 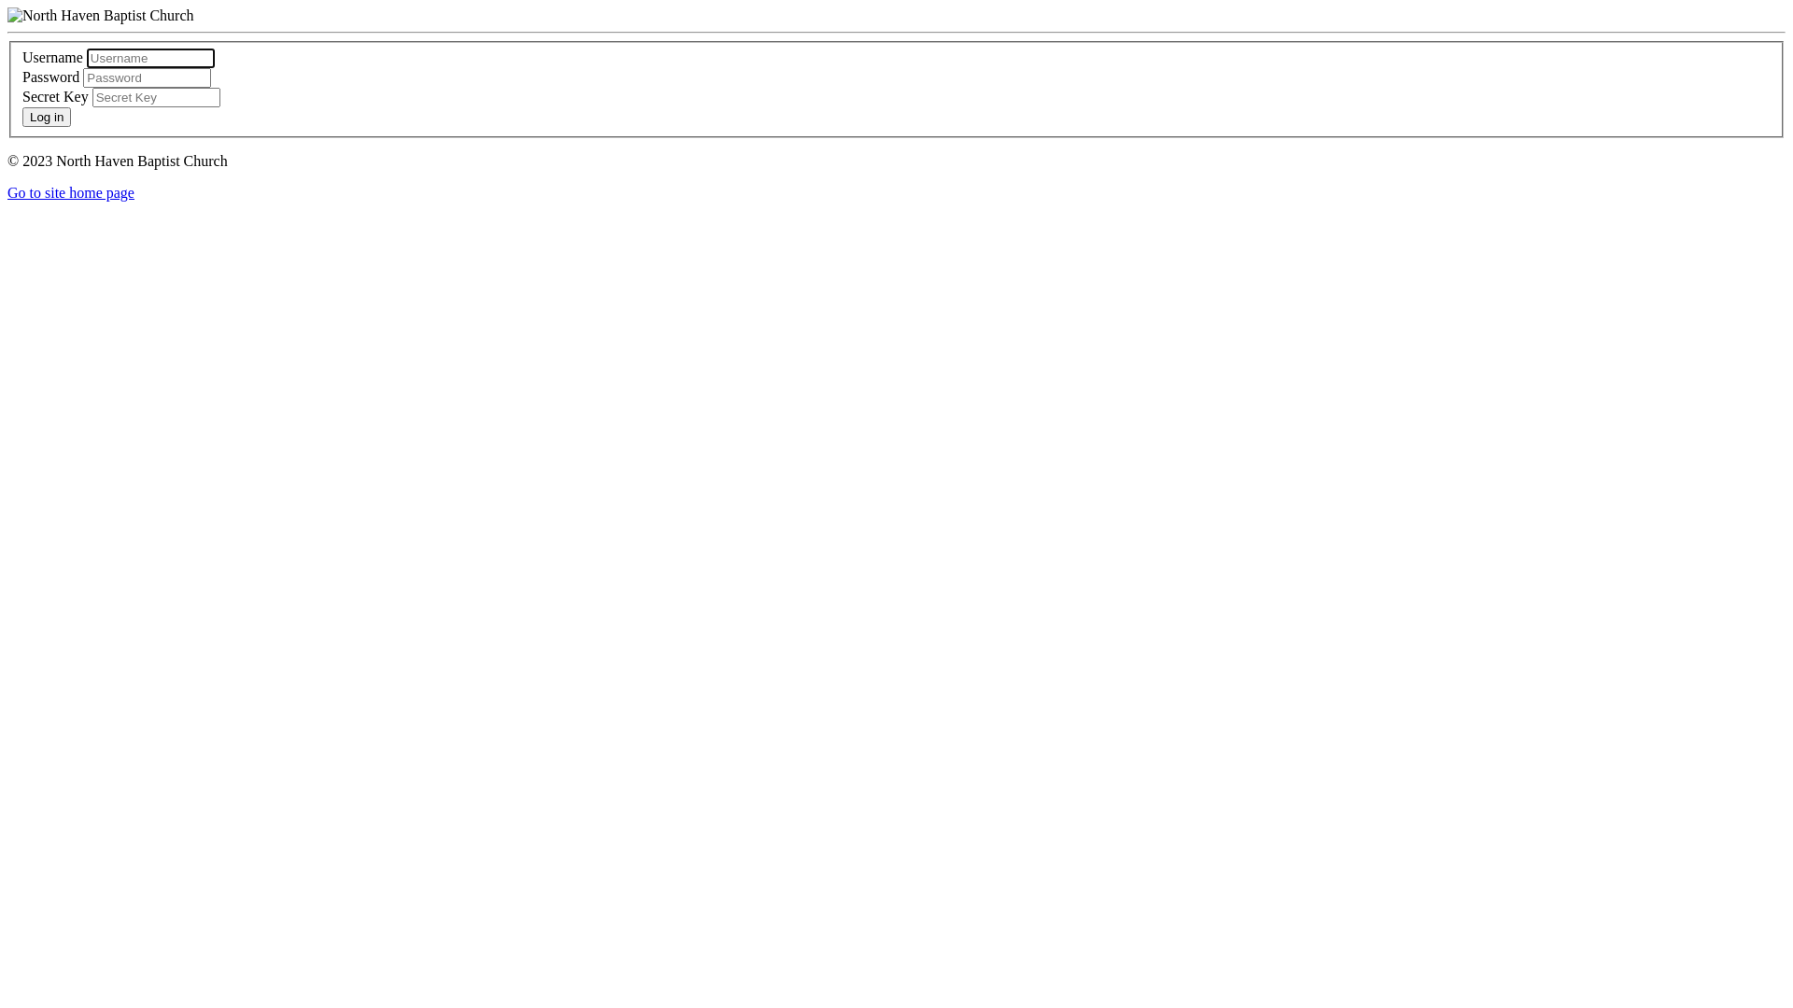 What do you see at coordinates (71, 192) in the screenshot?
I see `'Go to site home page'` at bounding box center [71, 192].